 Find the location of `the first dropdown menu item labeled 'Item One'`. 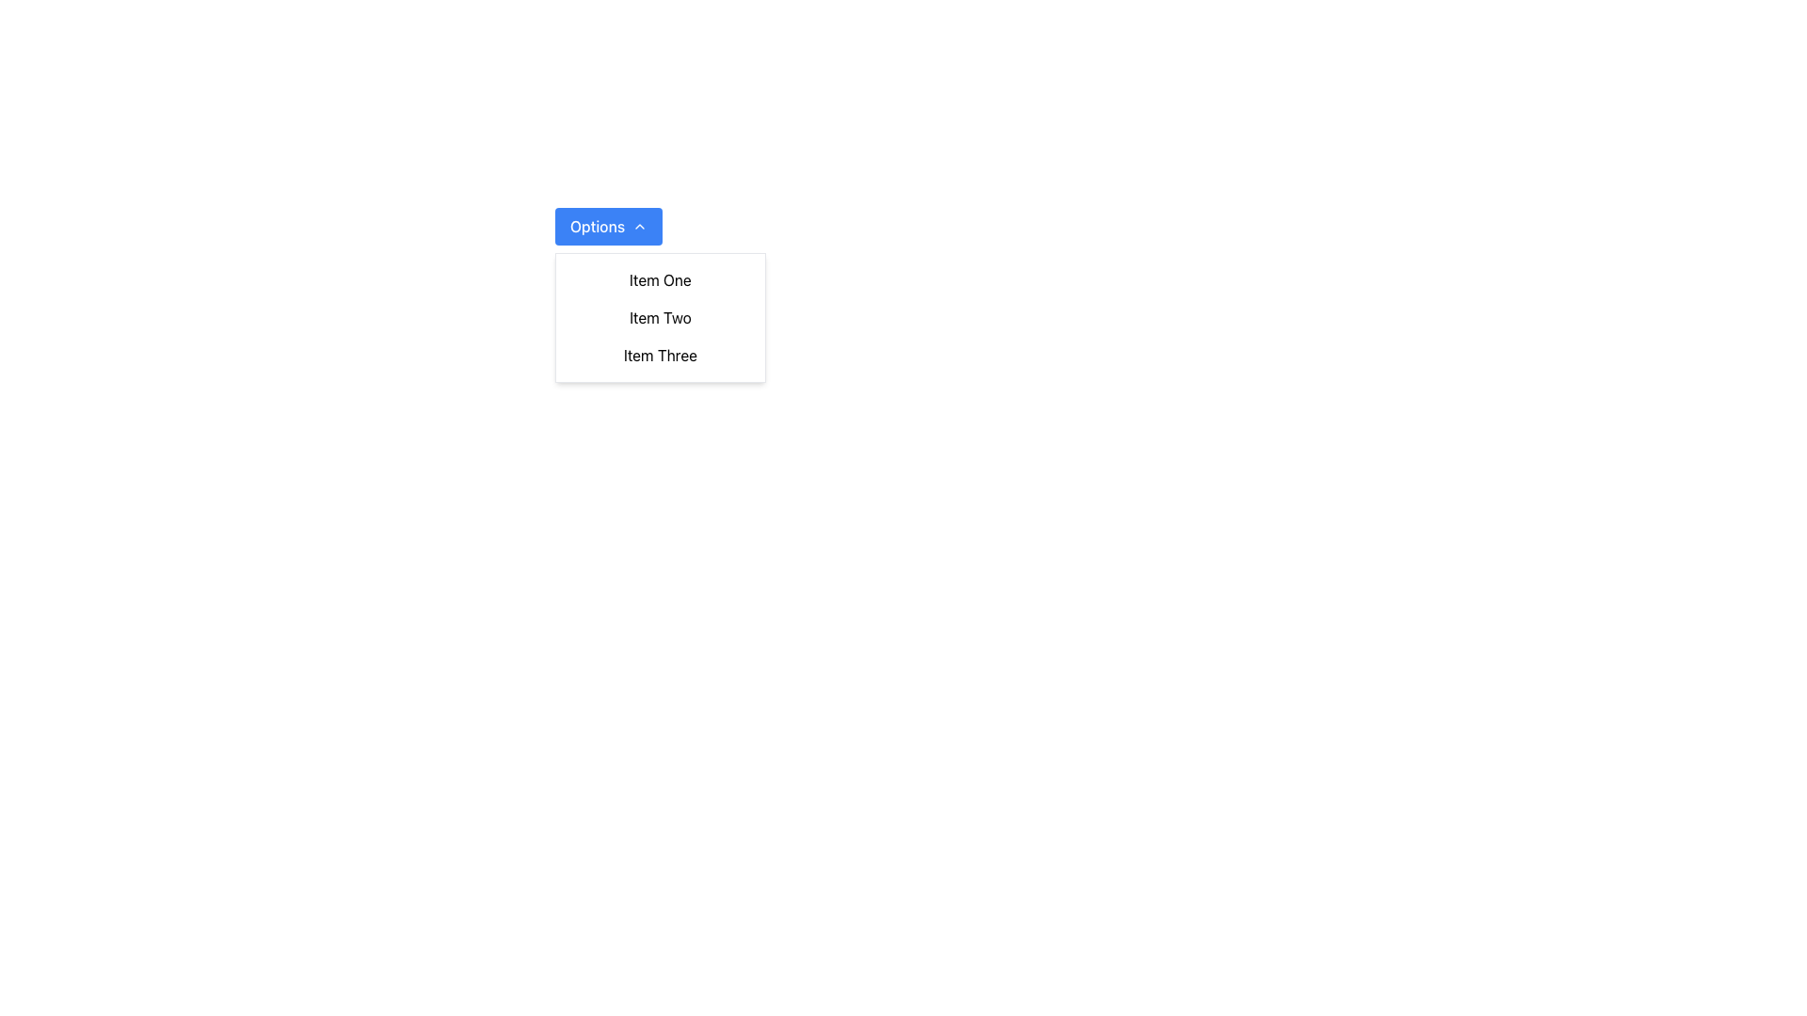

the first dropdown menu item labeled 'Item One' is located at coordinates (660, 279).